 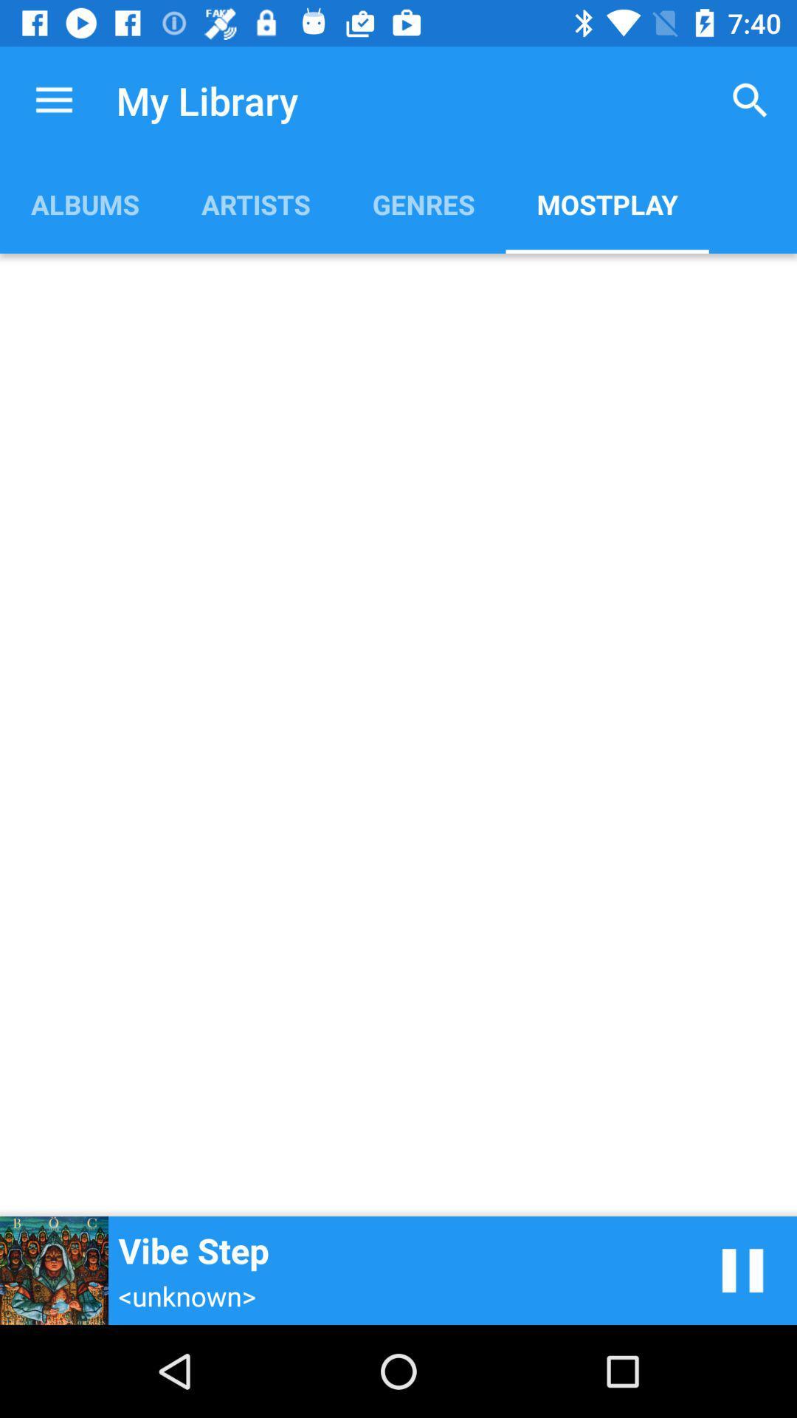 I want to click on the icon to the left of mostplay, so click(x=424, y=203).